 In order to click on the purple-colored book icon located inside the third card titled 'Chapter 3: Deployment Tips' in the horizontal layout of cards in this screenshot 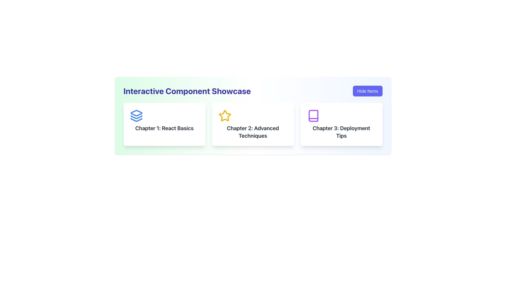, I will do `click(313, 115)`.